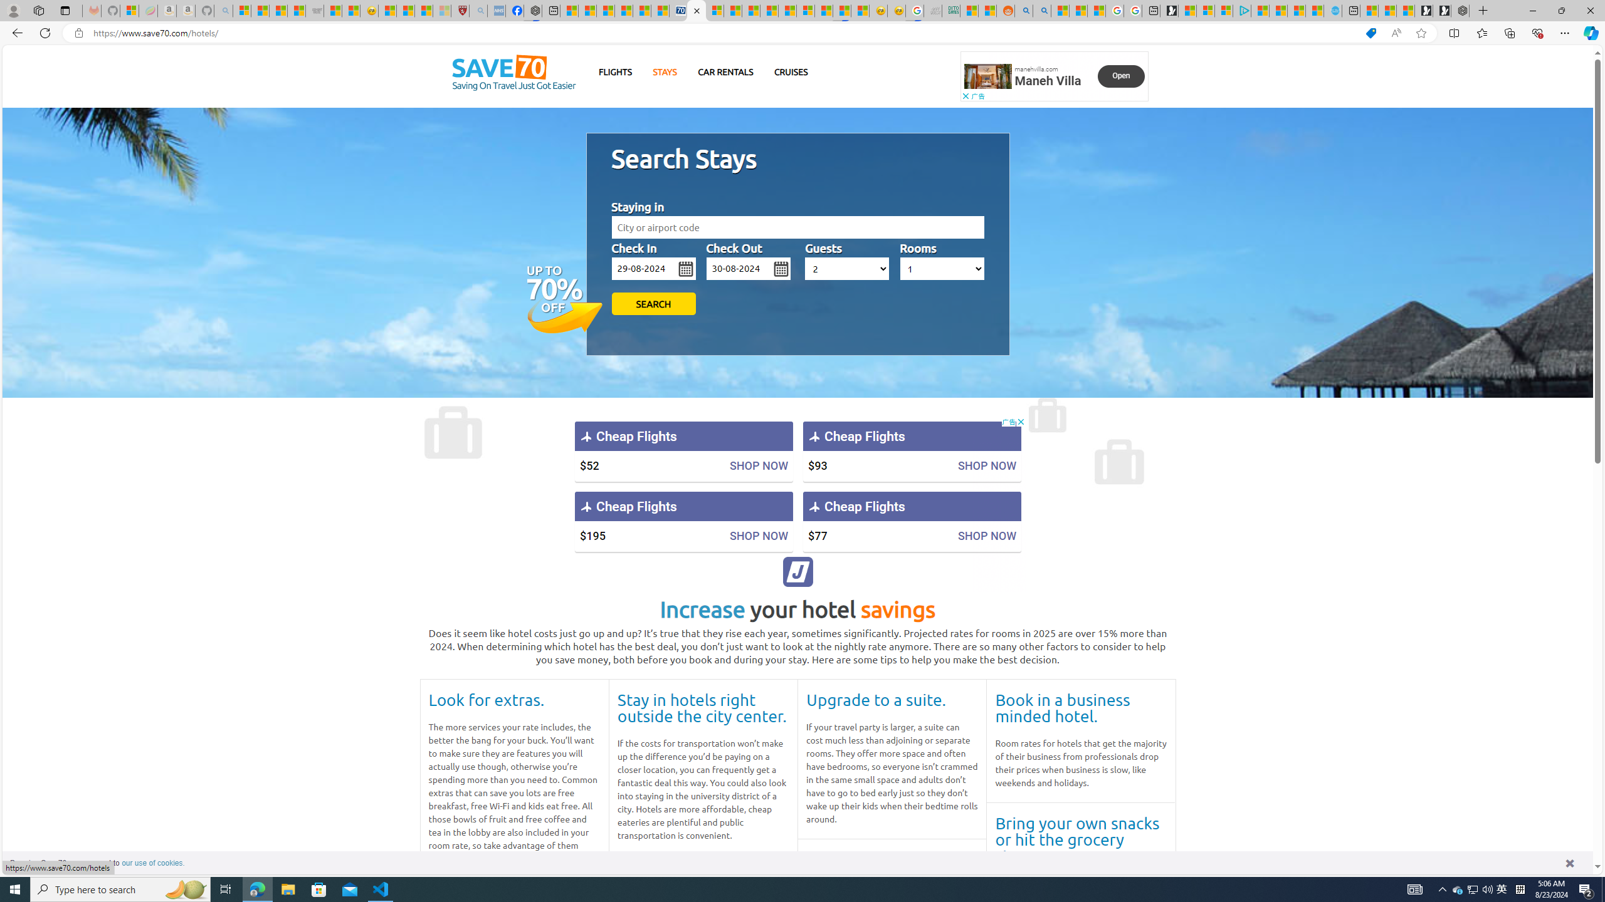  I want to click on 'City or airport code', so click(797, 227).